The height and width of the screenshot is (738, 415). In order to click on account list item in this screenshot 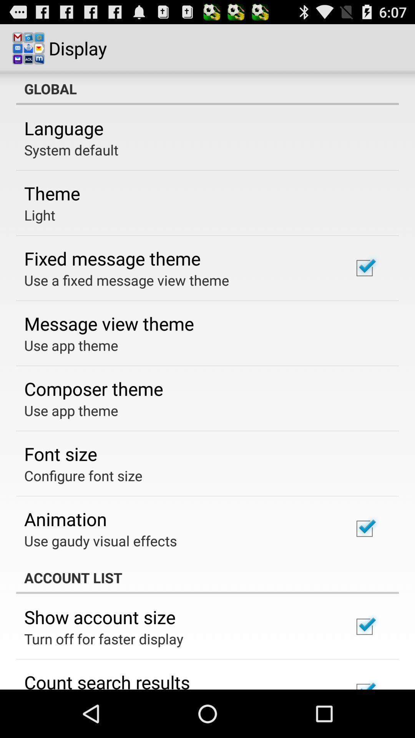, I will do `click(207, 577)`.